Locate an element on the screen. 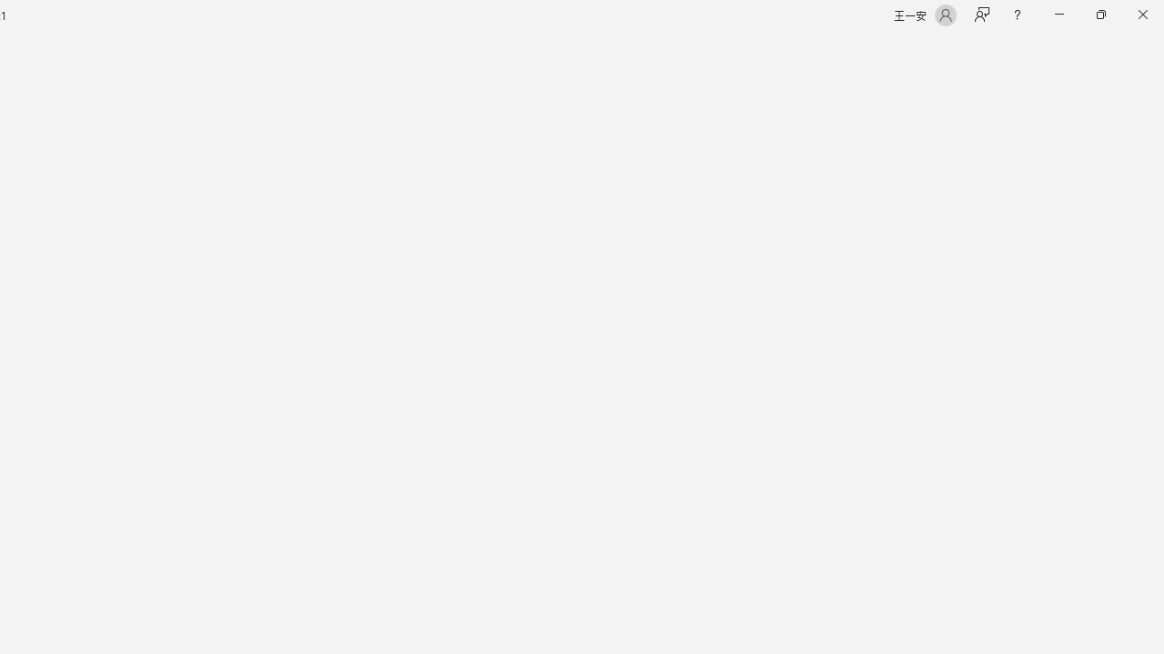 The width and height of the screenshot is (1164, 654). 'Help' is located at coordinates (1016, 15).